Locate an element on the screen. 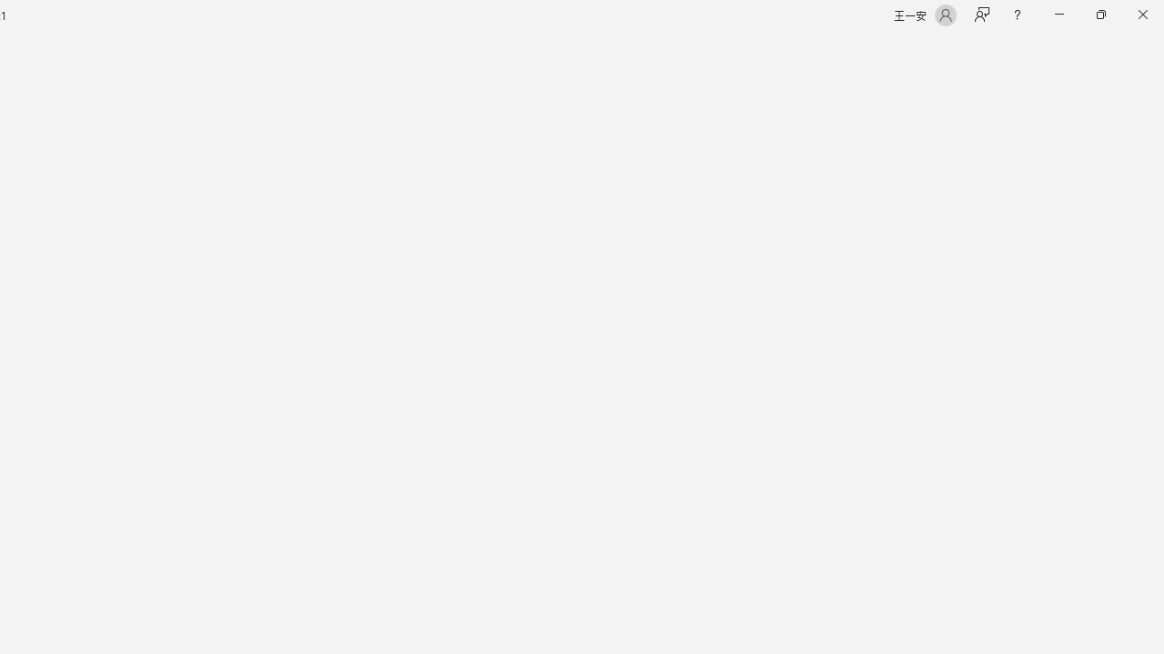 The width and height of the screenshot is (1164, 654). 'Help' is located at coordinates (1016, 15).